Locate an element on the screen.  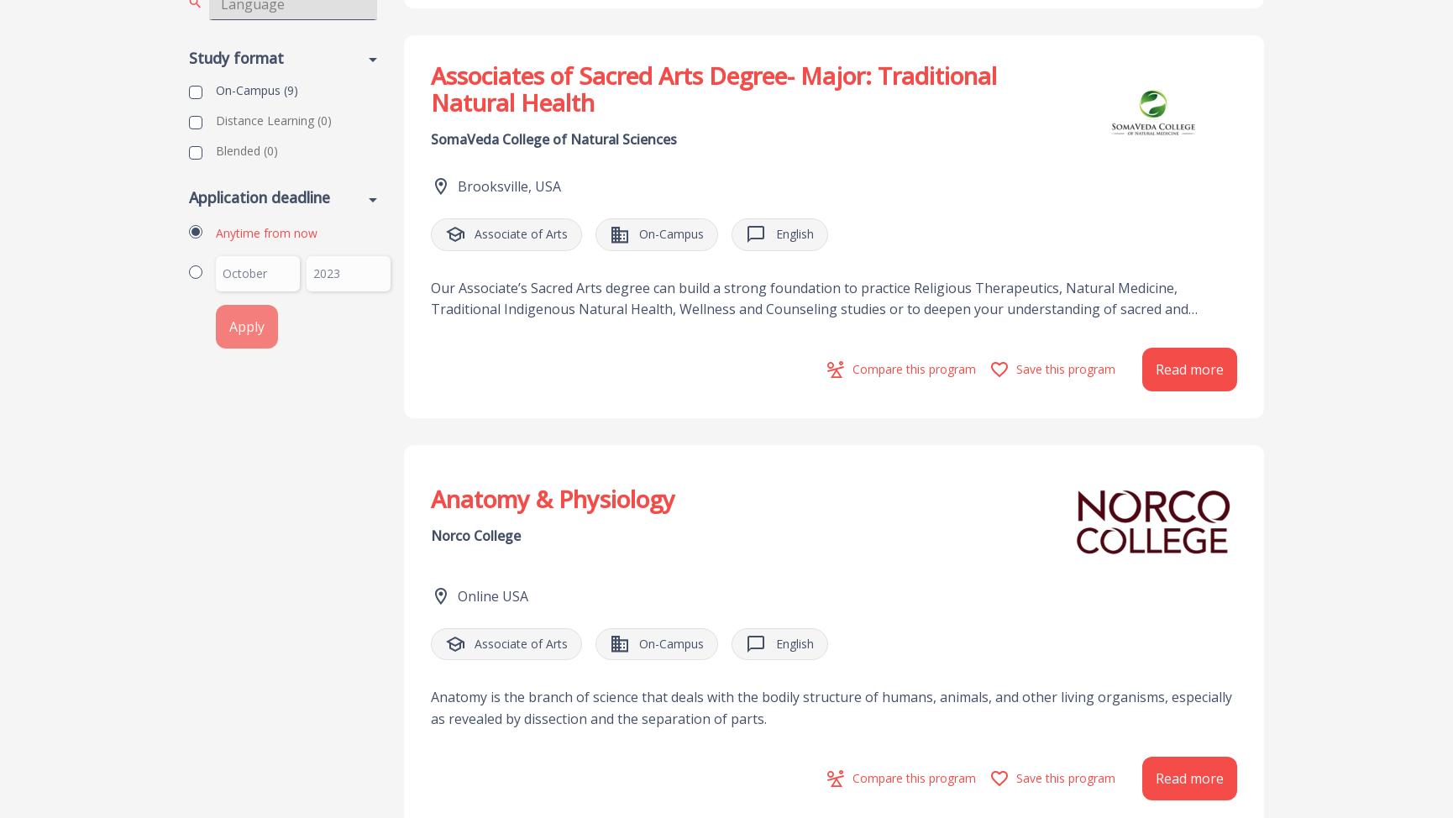
'Brooksville, USA' is located at coordinates (509, 186).